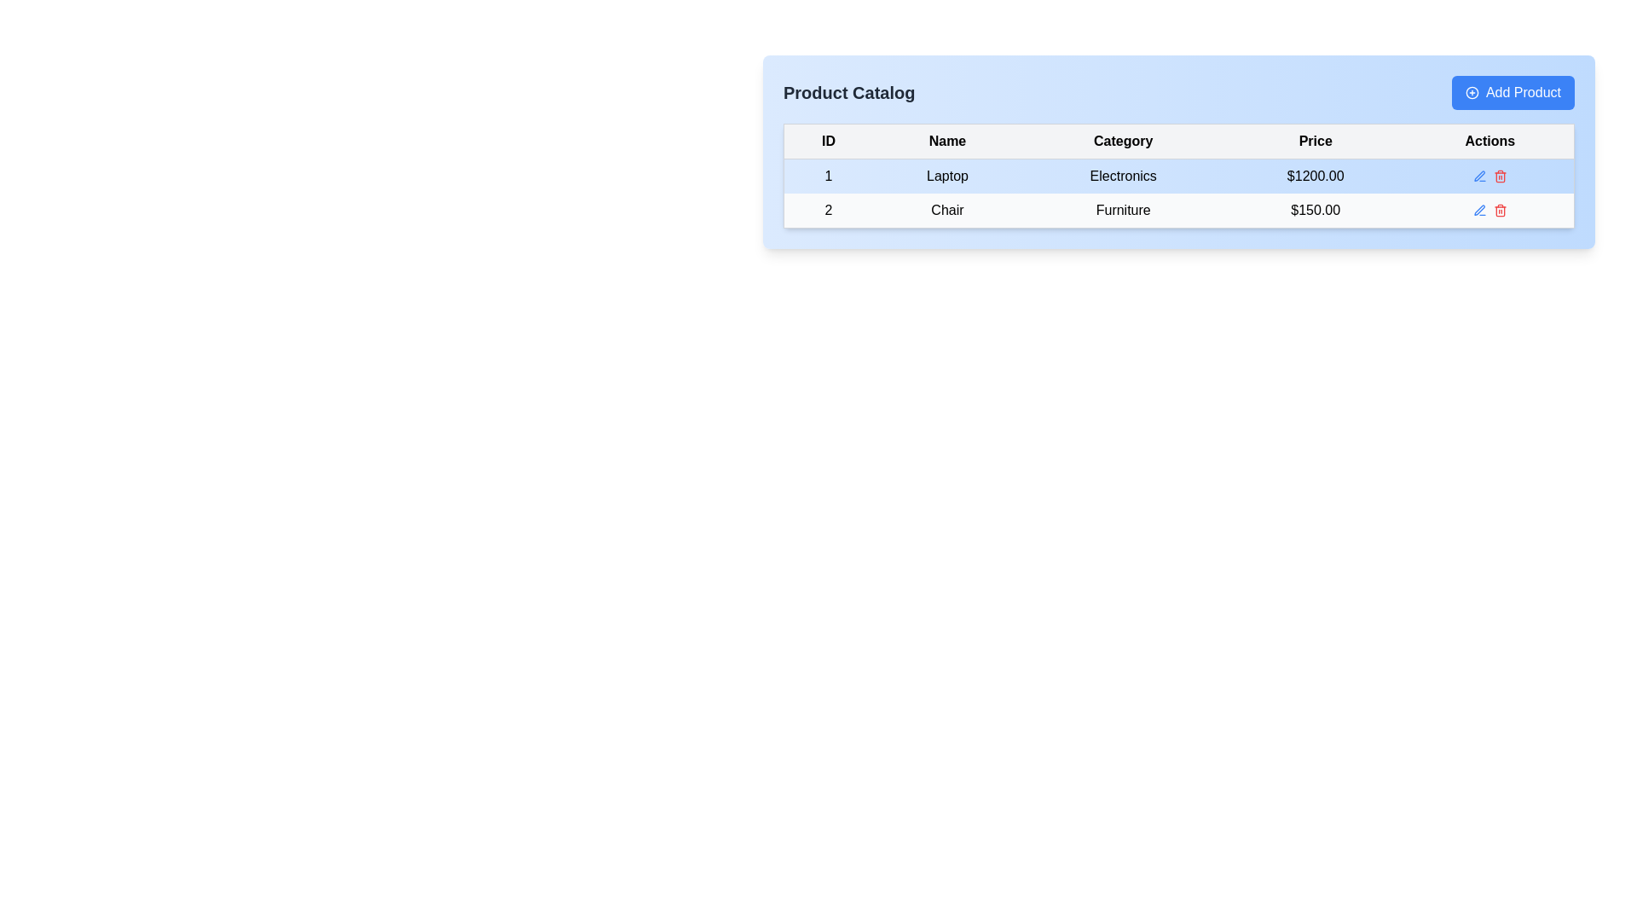  I want to click on the table cell containing the text '2' for reordering. This cell is located in the first column of the second row, directly below the '1' from the first row, so click(828, 210).